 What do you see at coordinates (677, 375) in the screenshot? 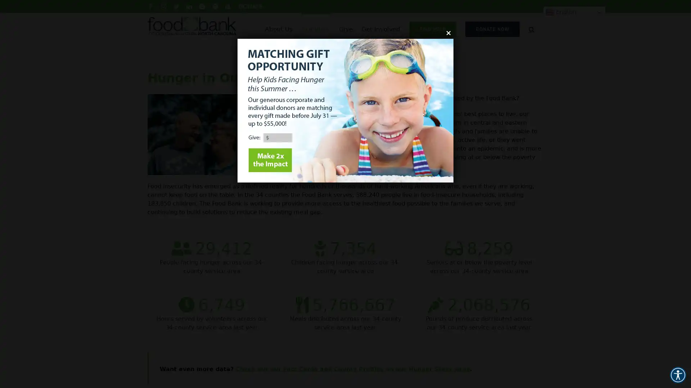
I see `Accessibility Menu` at bounding box center [677, 375].